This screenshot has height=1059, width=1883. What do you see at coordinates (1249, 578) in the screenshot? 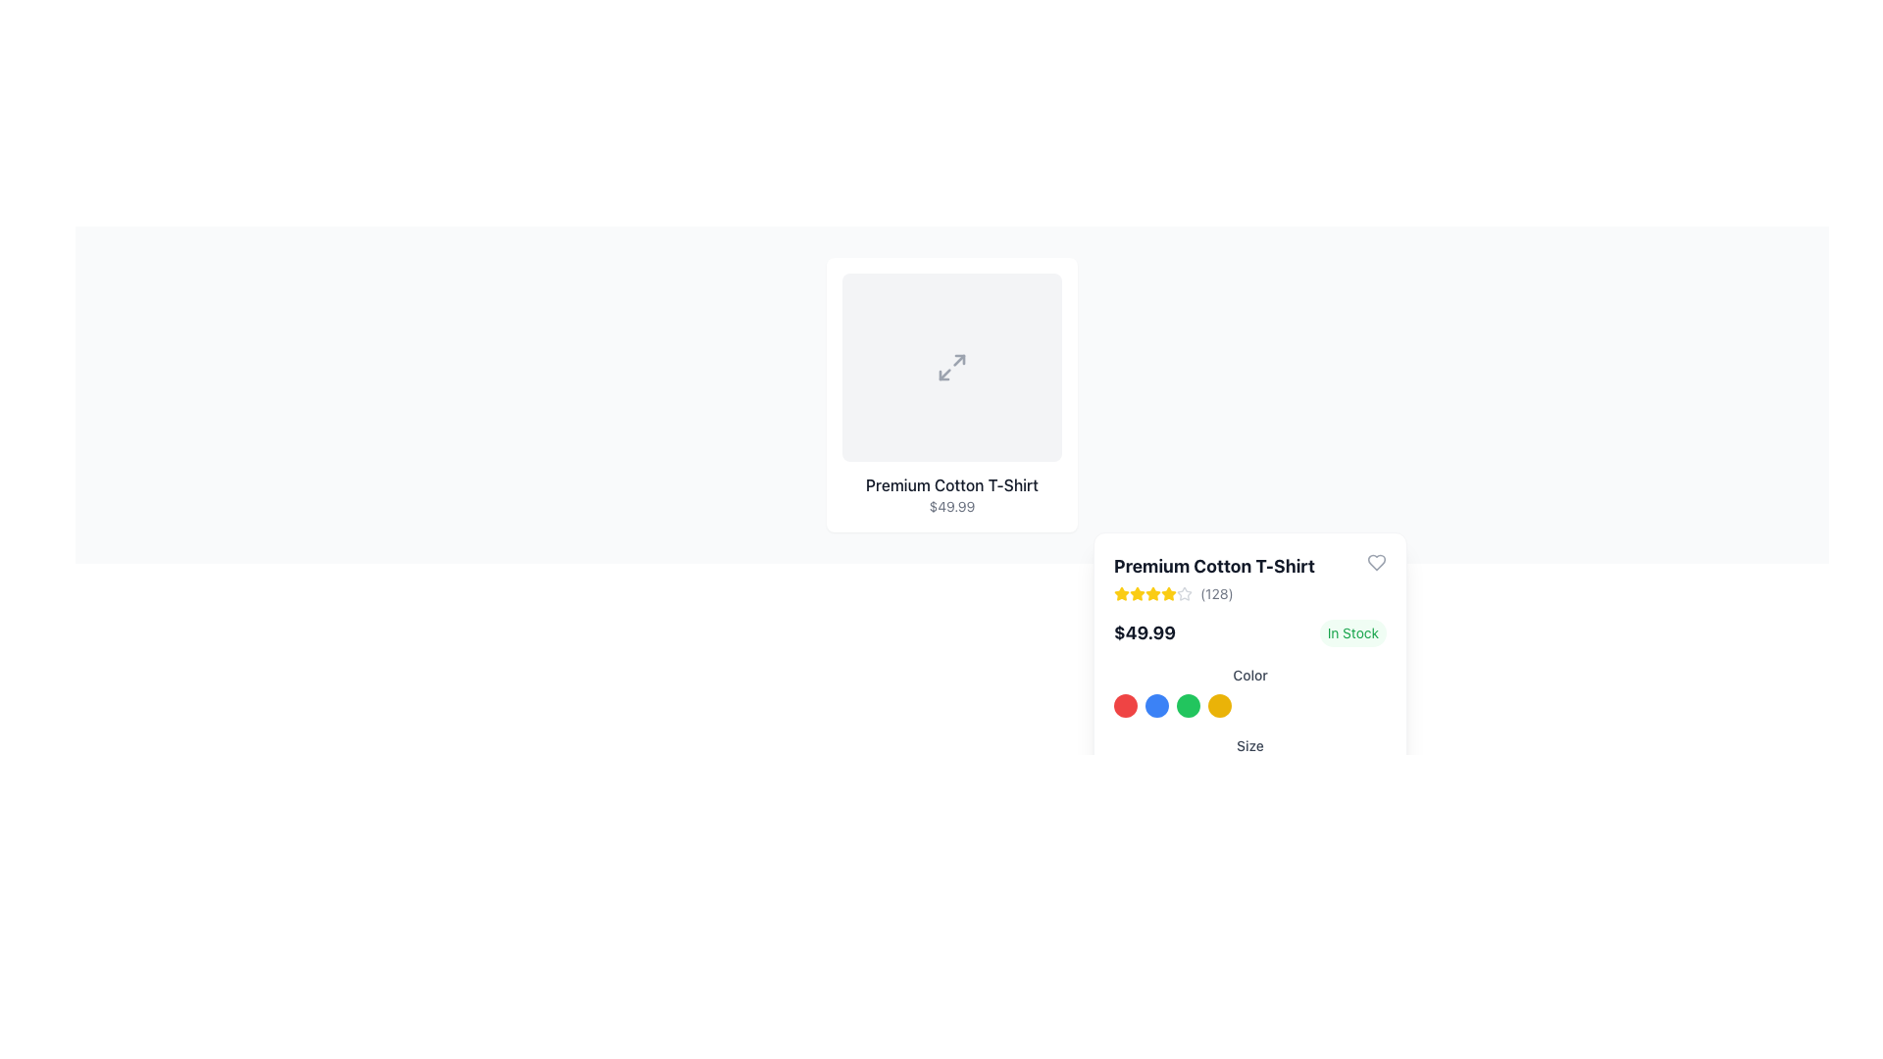
I see `product name 'Premium Cotton T-Shirt' from the Product header section displaying the rating and wishlist icon, located at the top section of the expanded product detail overlay` at bounding box center [1249, 578].